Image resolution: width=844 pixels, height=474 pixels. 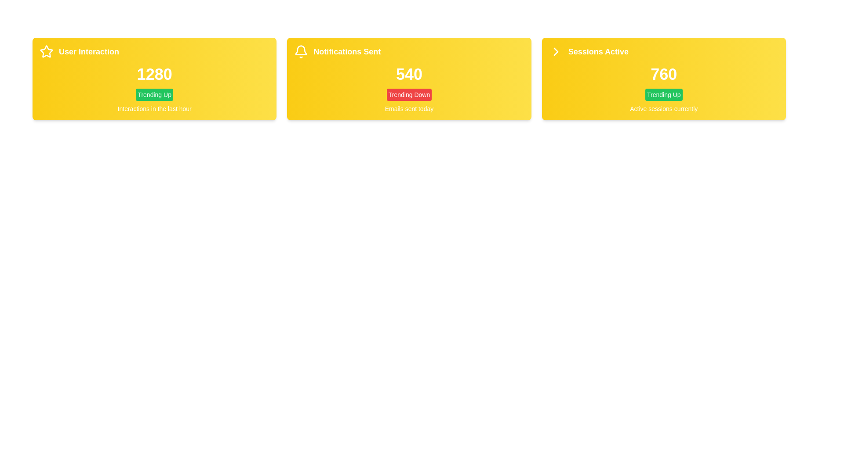 I want to click on the small, rectangular button-like component with a green background and white text reading 'Trending Up', which is centrally aligned below the title 'Sessions Active' and above a descriptive statement, so click(x=664, y=95).